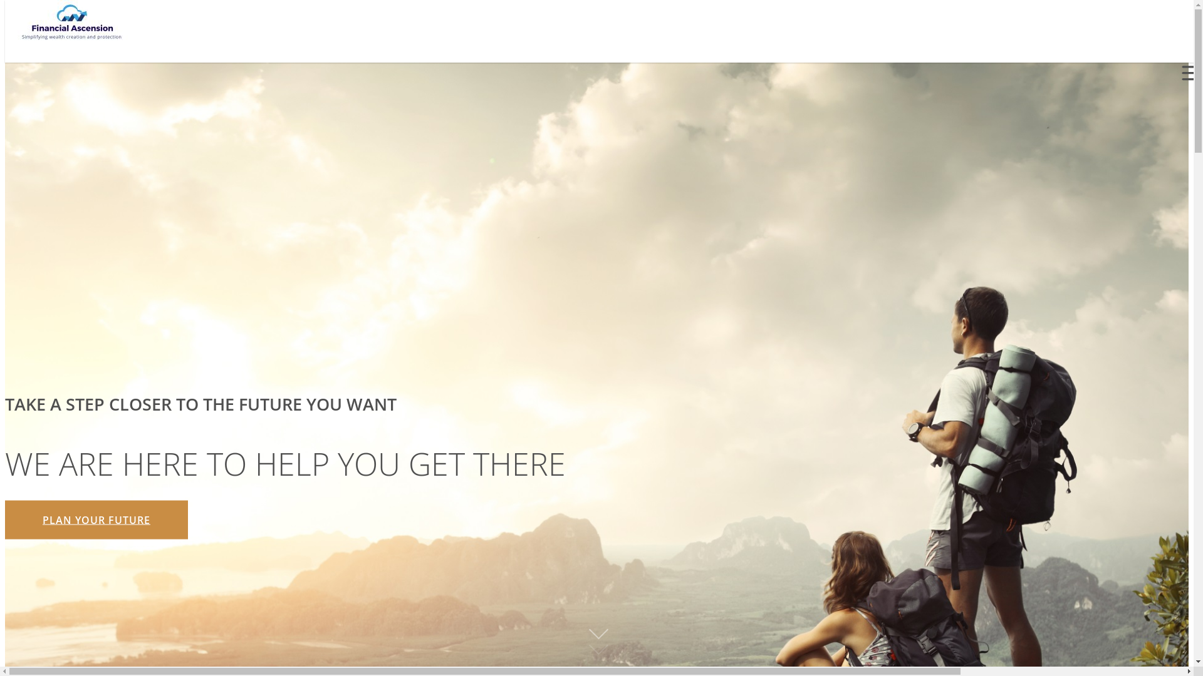  What do you see at coordinates (95, 519) in the screenshot?
I see `'PLAN YOUR FUTURE'` at bounding box center [95, 519].